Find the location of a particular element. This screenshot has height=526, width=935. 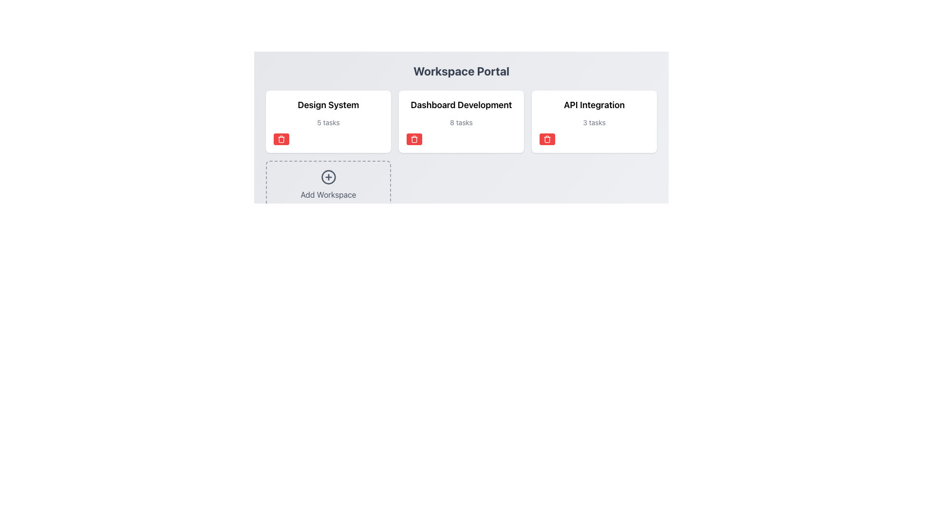

the text label displaying the number of tasks associated with the 'API Integration' section, which is located centrally beneath the header text 'API Integration' is located at coordinates (594, 122).